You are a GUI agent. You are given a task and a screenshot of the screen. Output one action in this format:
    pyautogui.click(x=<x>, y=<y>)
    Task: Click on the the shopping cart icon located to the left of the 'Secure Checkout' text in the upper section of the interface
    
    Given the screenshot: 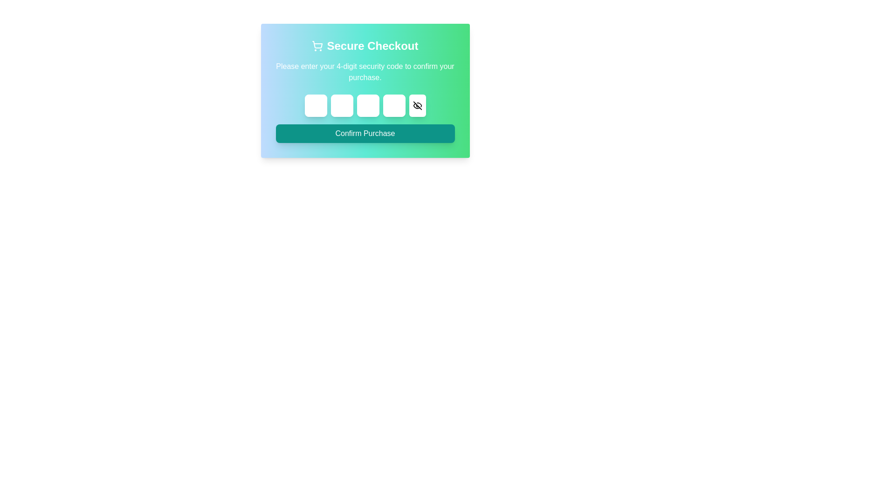 What is the action you would take?
    pyautogui.click(x=317, y=46)
    